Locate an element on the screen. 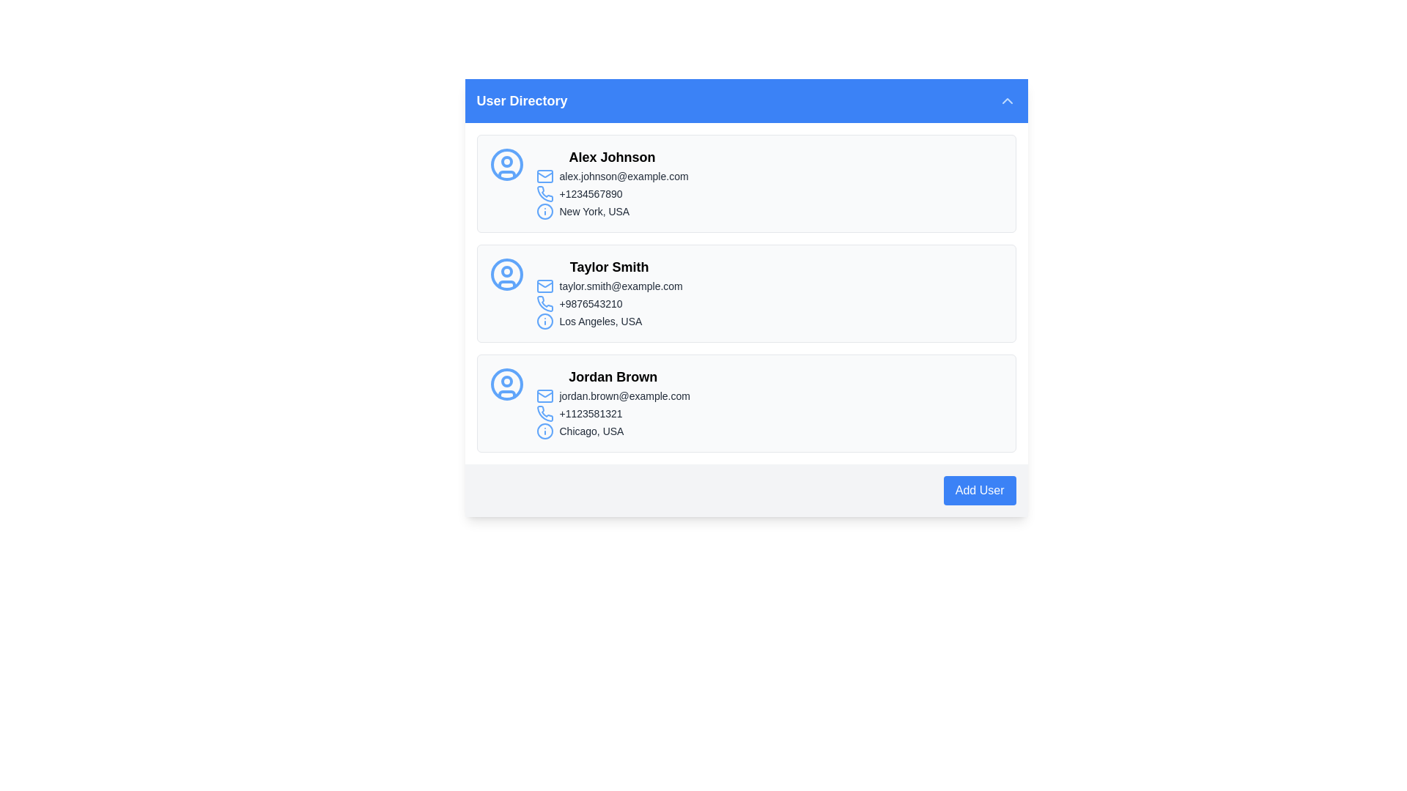 The height and width of the screenshot is (791, 1407). email address displayed in the text element located in the third user's information card, beneath 'Jordan Brown' and above the phone number '+1123581321' is located at coordinates (613, 395).